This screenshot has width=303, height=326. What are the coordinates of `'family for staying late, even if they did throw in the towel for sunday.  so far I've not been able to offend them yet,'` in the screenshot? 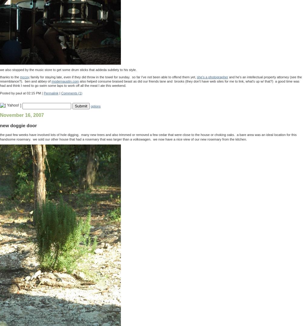 It's located at (113, 76).